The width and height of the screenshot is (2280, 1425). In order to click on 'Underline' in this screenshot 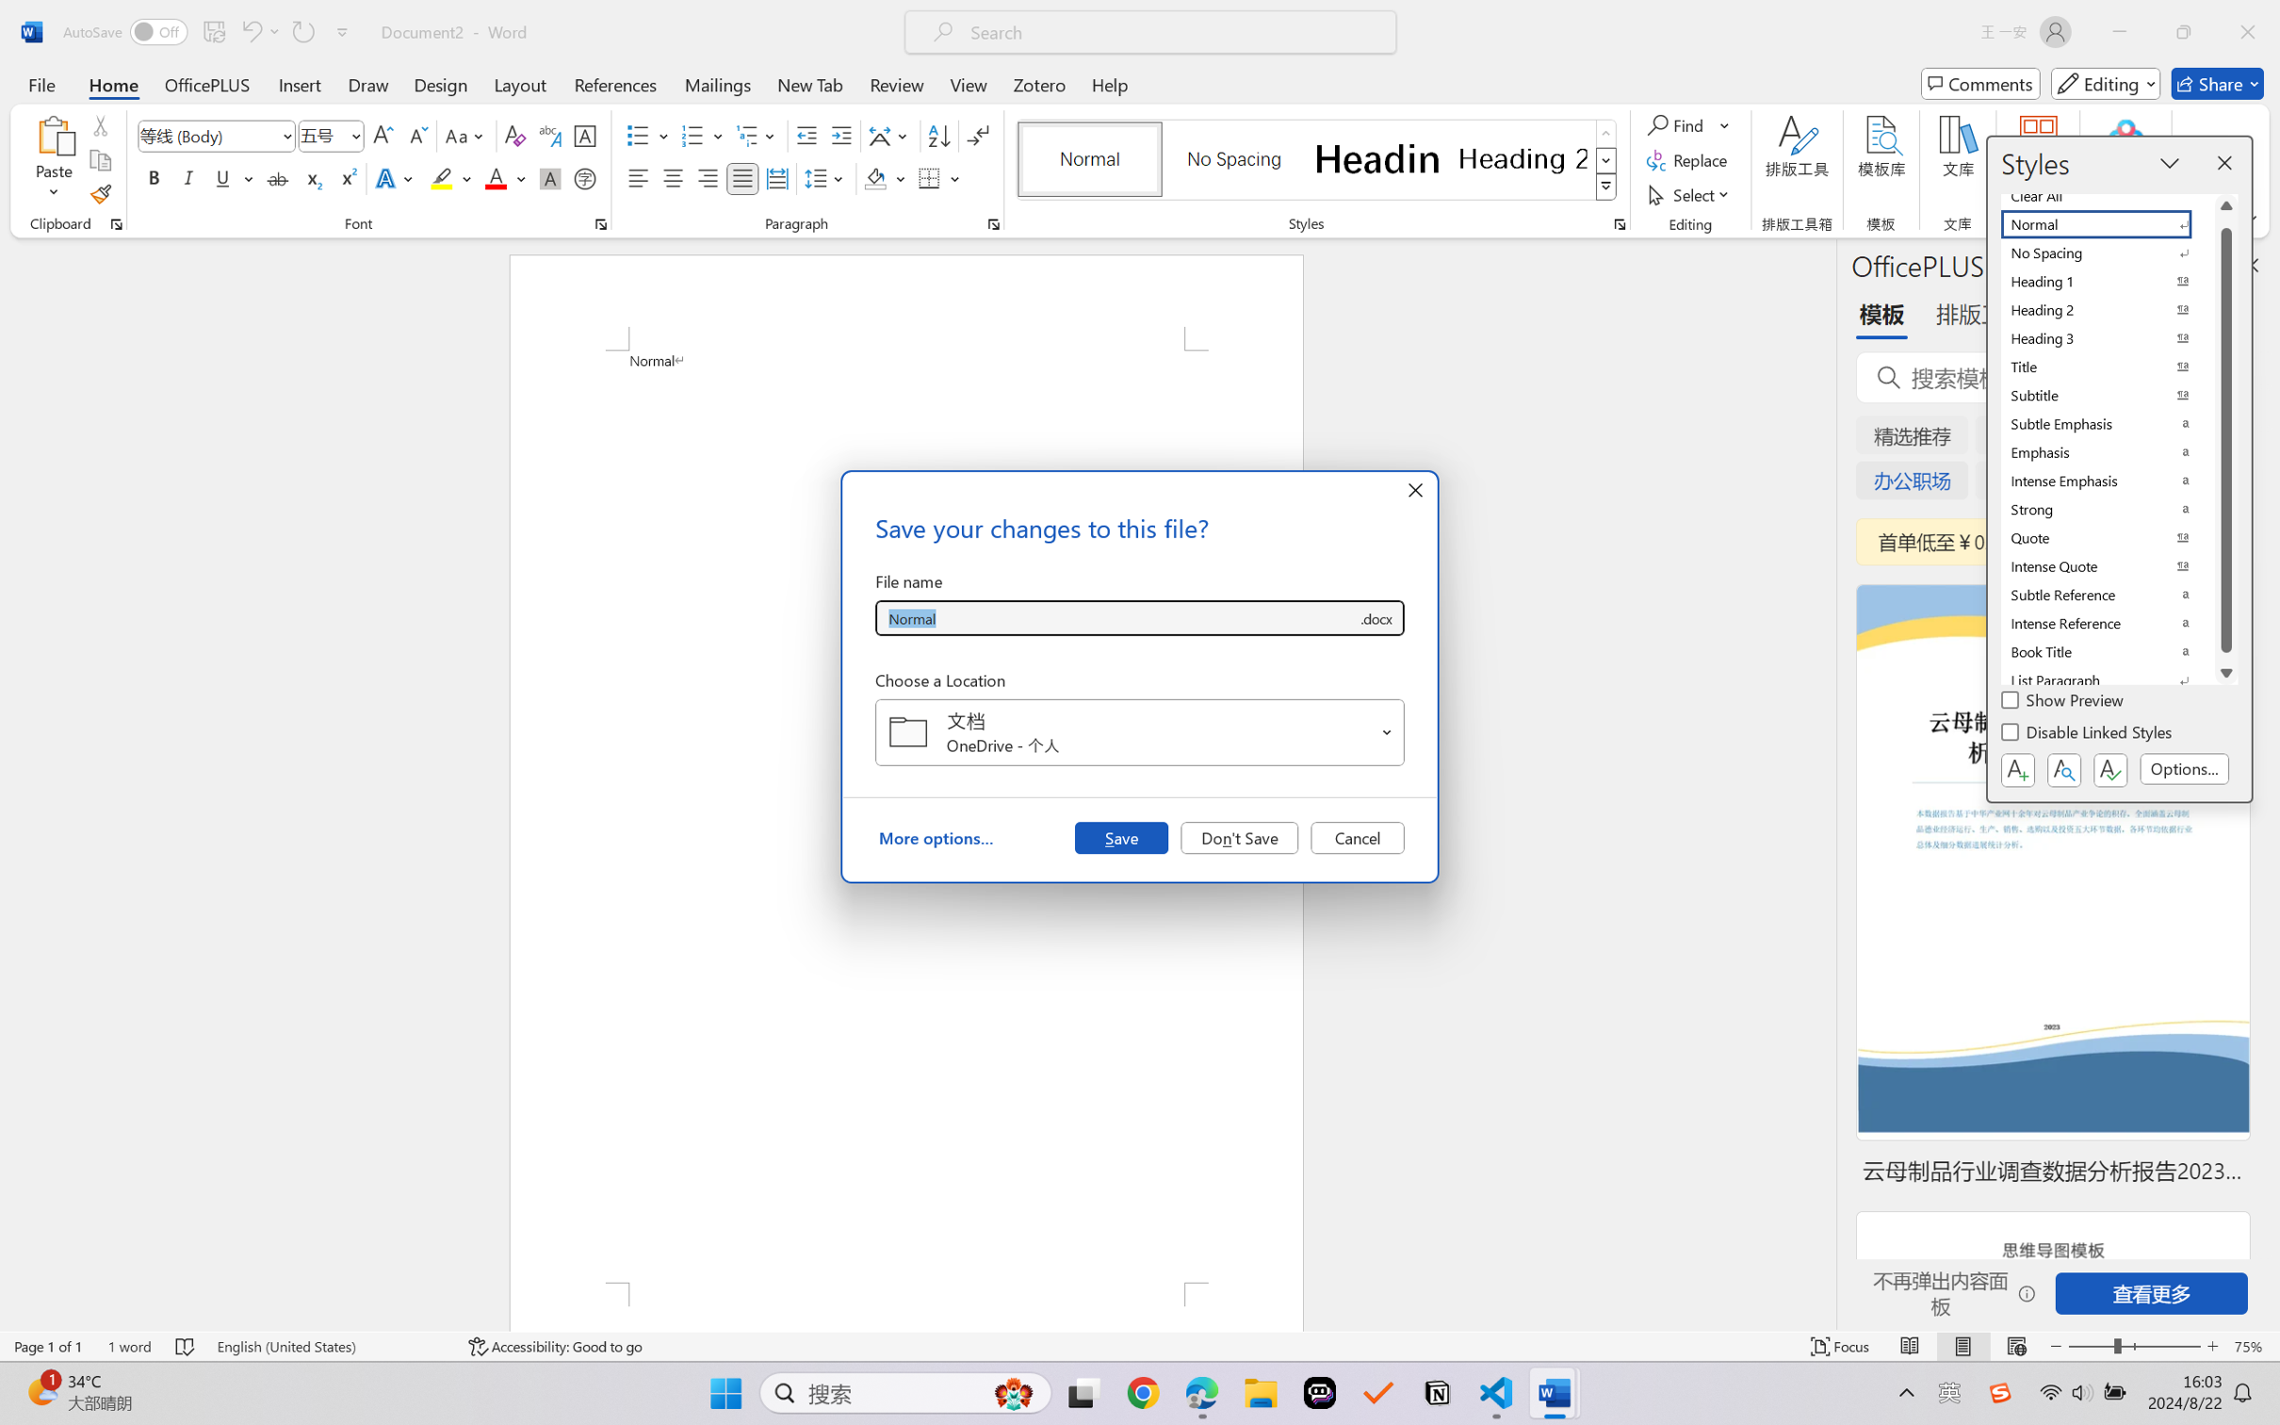, I will do `click(234, 177)`.